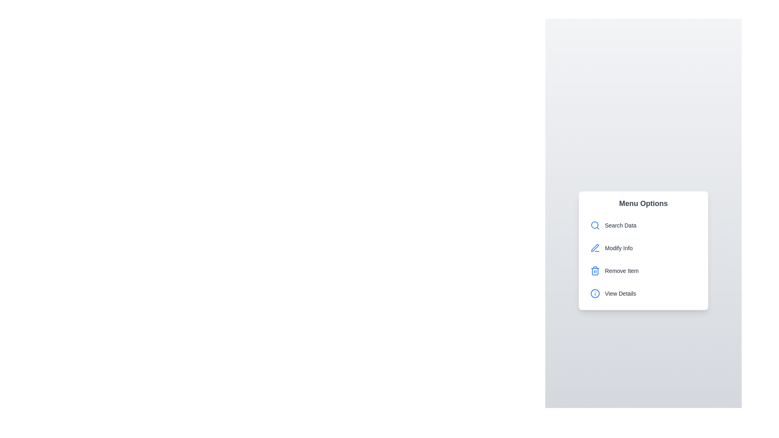 The image size is (779, 438). What do you see at coordinates (595, 225) in the screenshot?
I see `the 'Search' icon located to the left of the 'Search Data' text in the 'Menu Options' panel` at bounding box center [595, 225].